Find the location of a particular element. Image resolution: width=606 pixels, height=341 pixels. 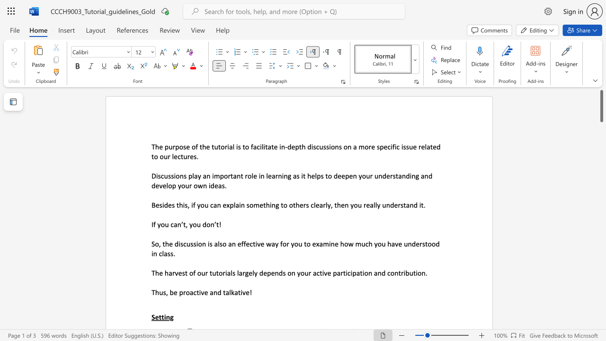

the scrollbar on the right to shift the page lower is located at coordinates (601, 151).